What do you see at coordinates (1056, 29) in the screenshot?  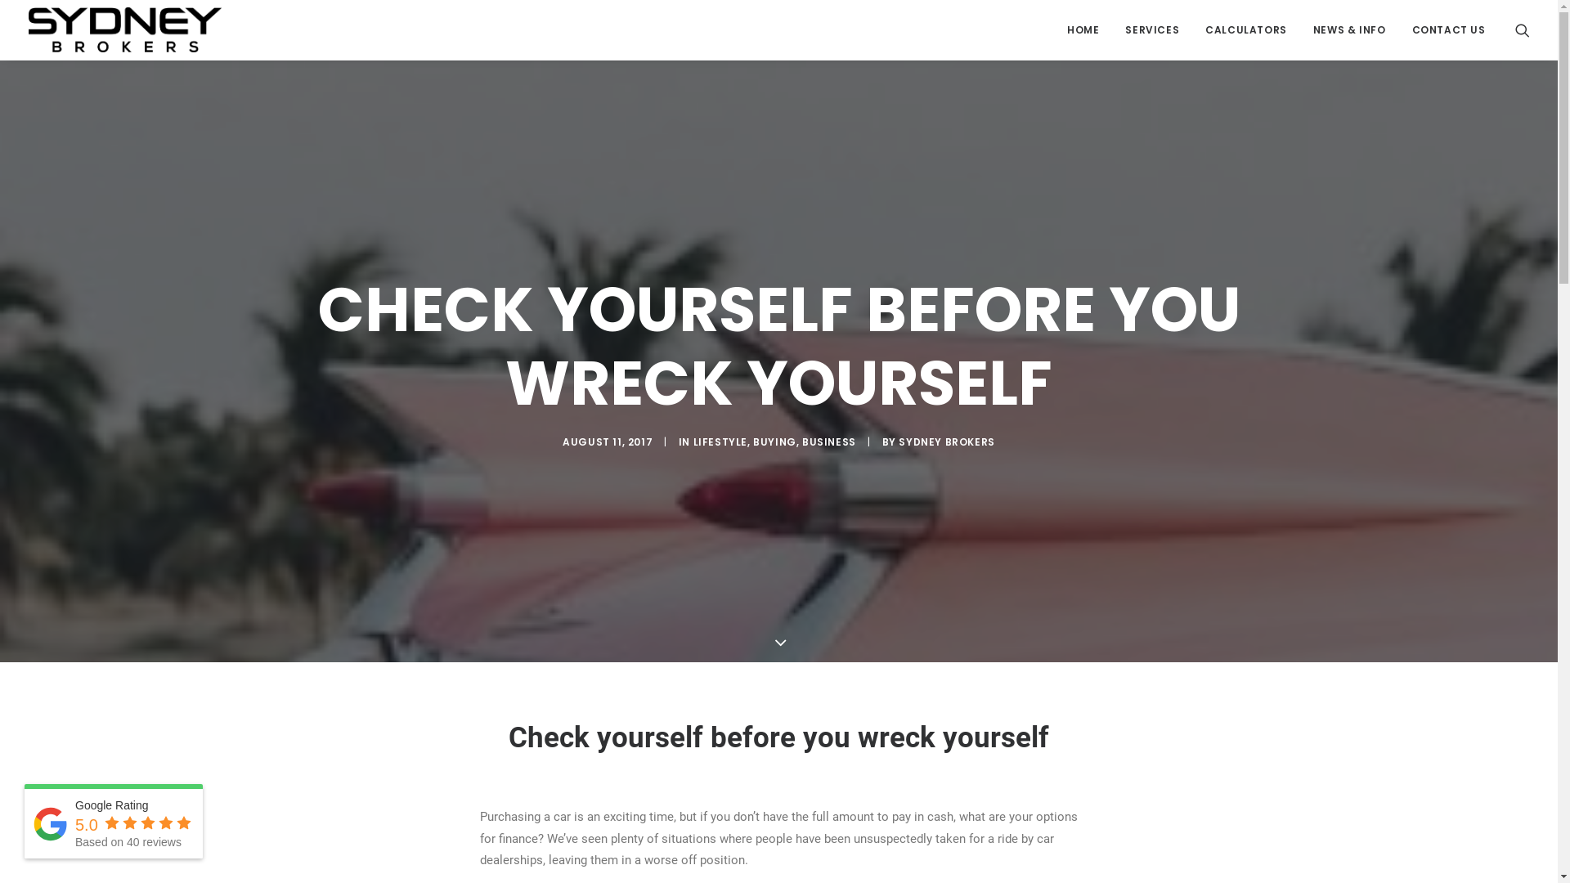 I see `'HOME'` at bounding box center [1056, 29].